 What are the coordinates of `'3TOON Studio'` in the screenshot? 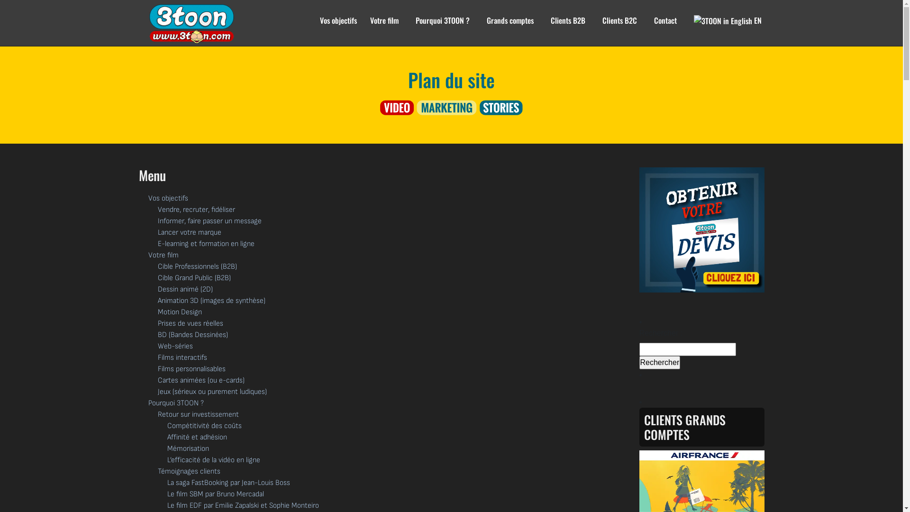 It's located at (196, 23).